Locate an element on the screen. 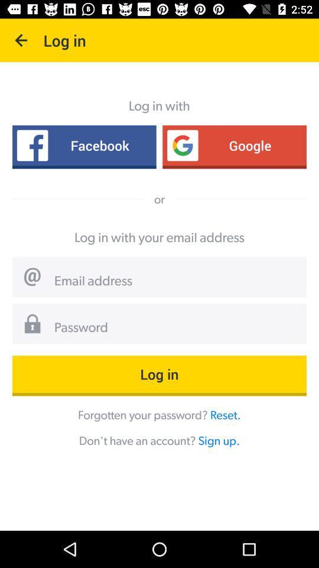  the icon next to log in icon is located at coordinates (21, 40).